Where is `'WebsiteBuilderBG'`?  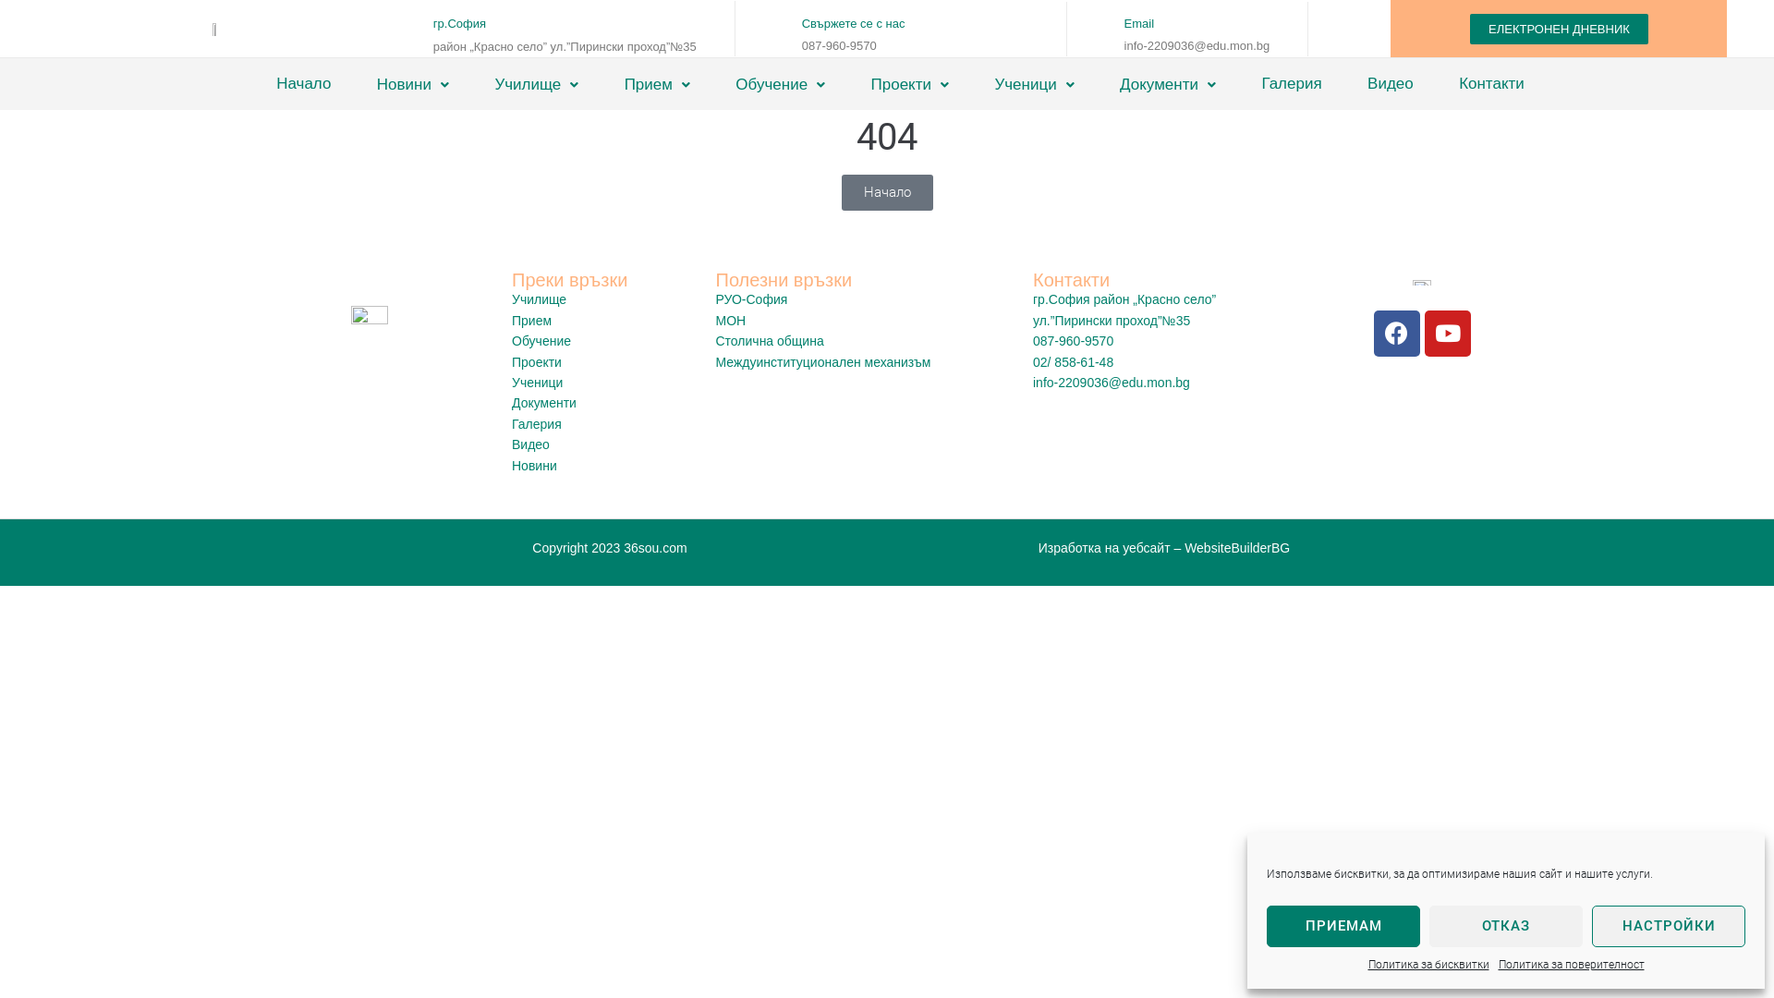 'WebsiteBuilderBG' is located at coordinates (1237, 547).